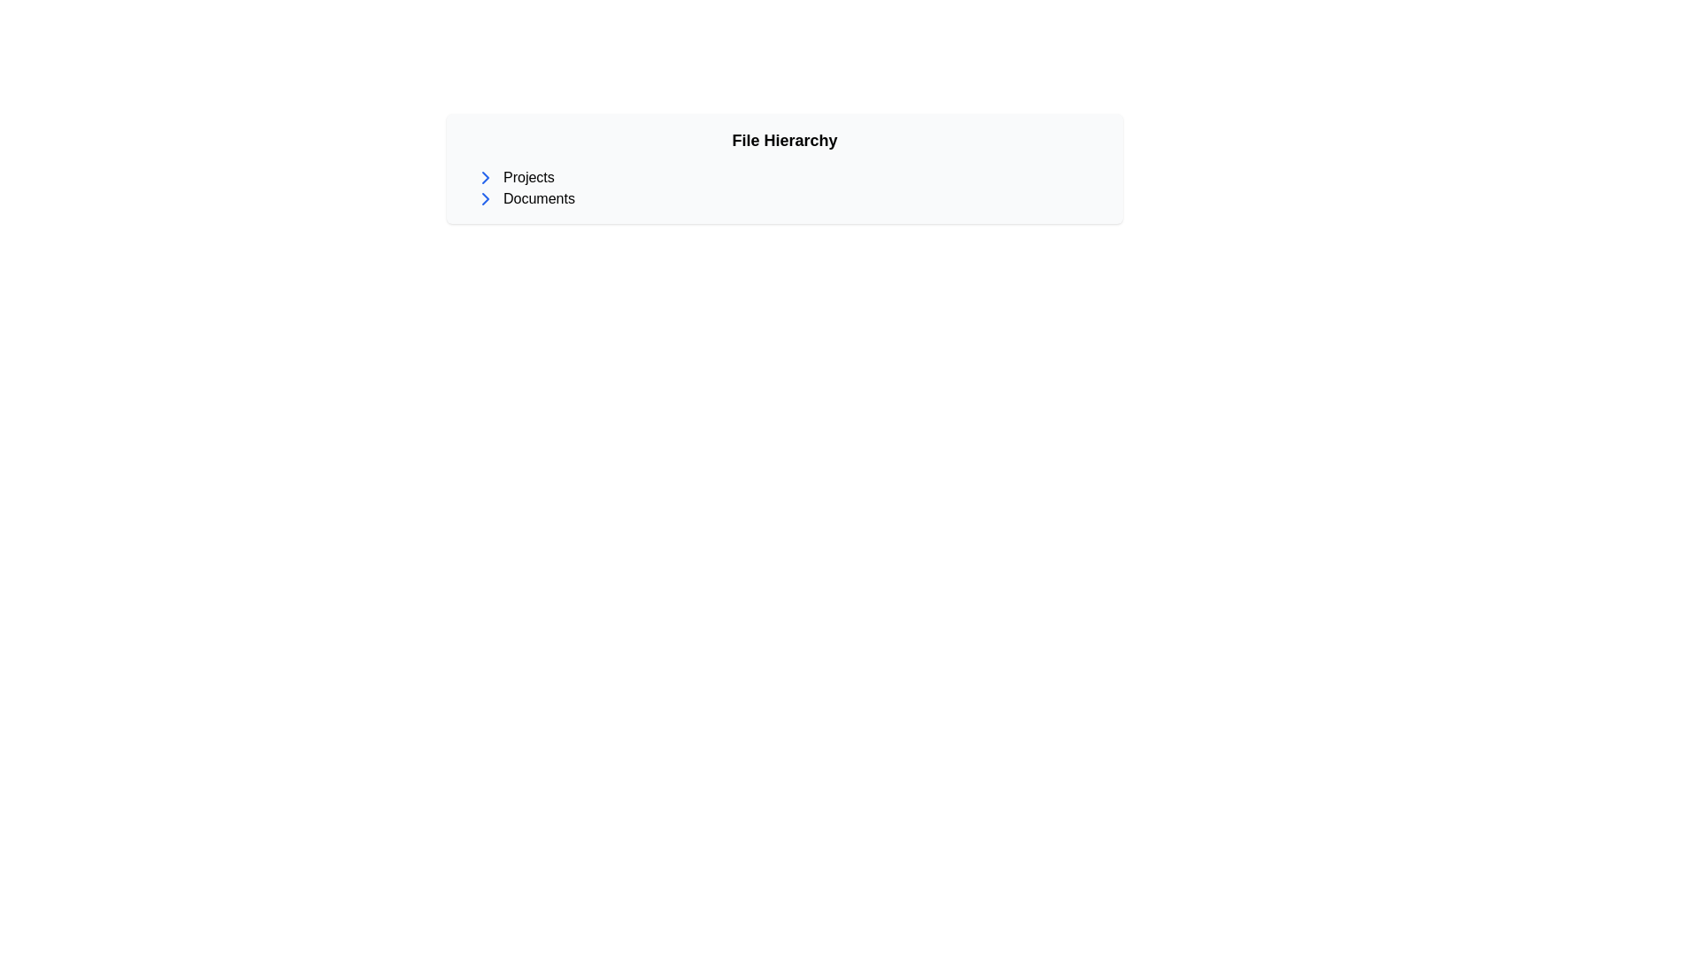 This screenshot has height=956, width=1699. What do you see at coordinates (485, 177) in the screenshot?
I see `the icon located to the immediate left of the 'Projects' label in the 'File Hierarchy' section` at bounding box center [485, 177].